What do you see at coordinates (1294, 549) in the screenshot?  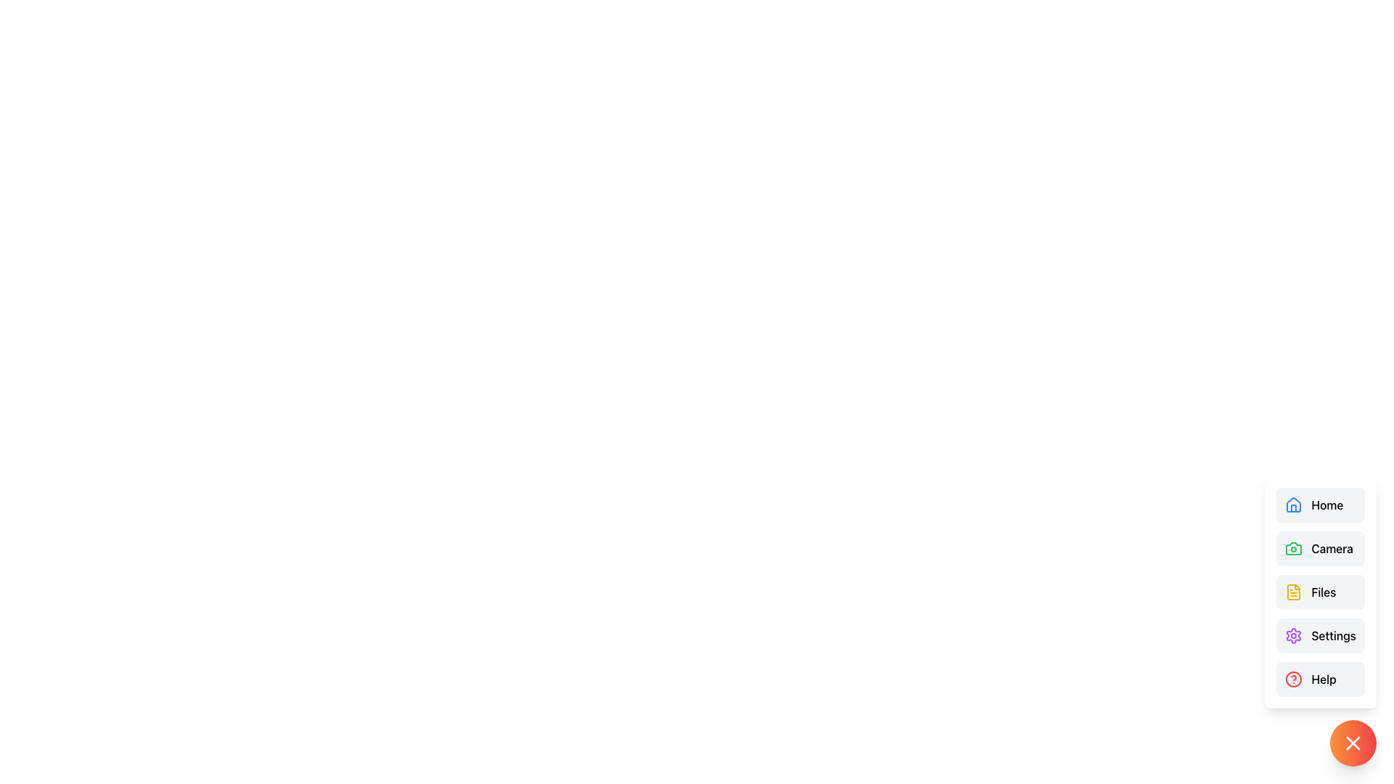 I see `the camera icon located in the vertical menu on the right side of the interface, which is the second item from the top, directly below the 'Home' item` at bounding box center [1294, 549].